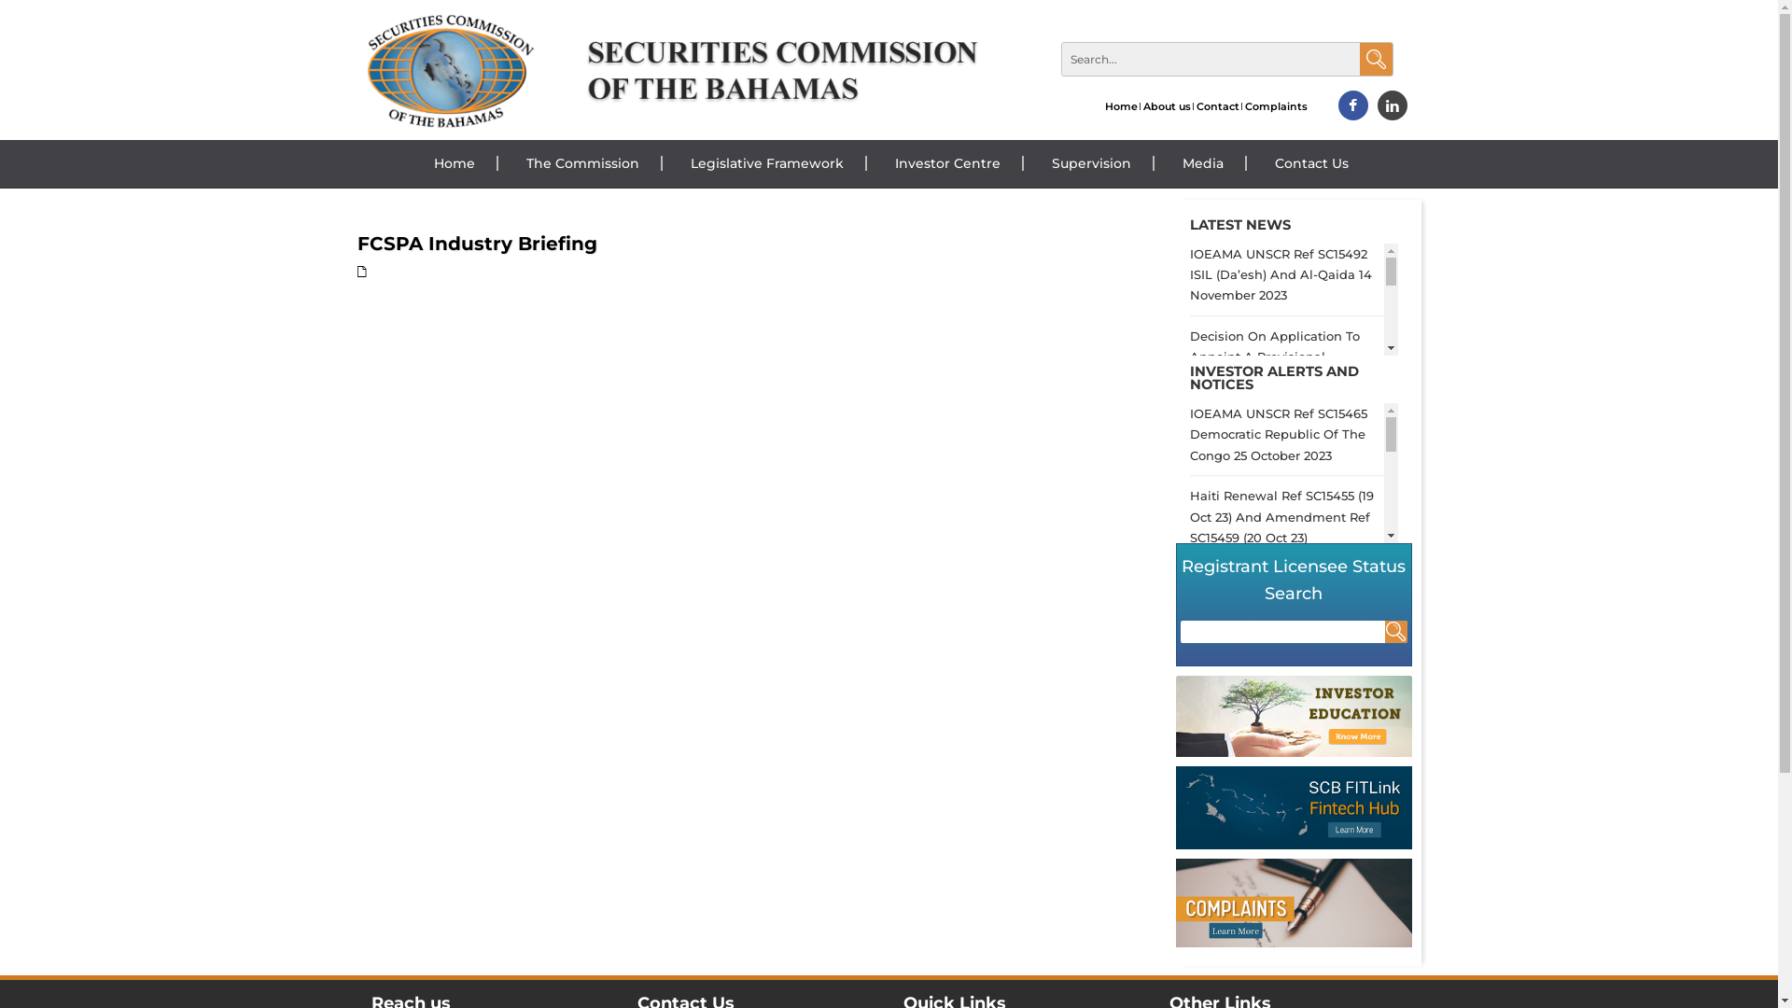 This screenshot has height=1008, width=1792. Describe the element at coordinates (1250, 162) in the screenshot. I see `'Contact Us'` at that location.